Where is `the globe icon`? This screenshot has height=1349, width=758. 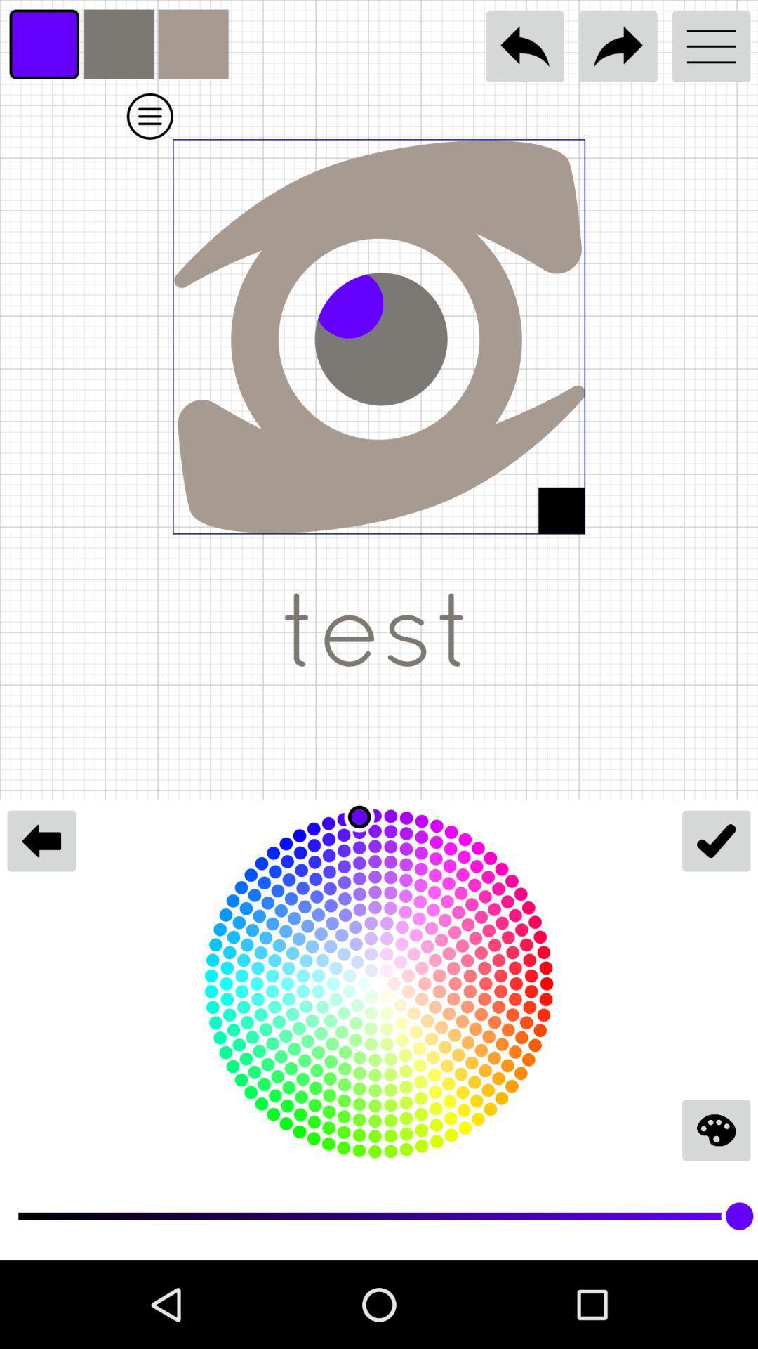 the globe icon is located at coordinates (716, 1130).